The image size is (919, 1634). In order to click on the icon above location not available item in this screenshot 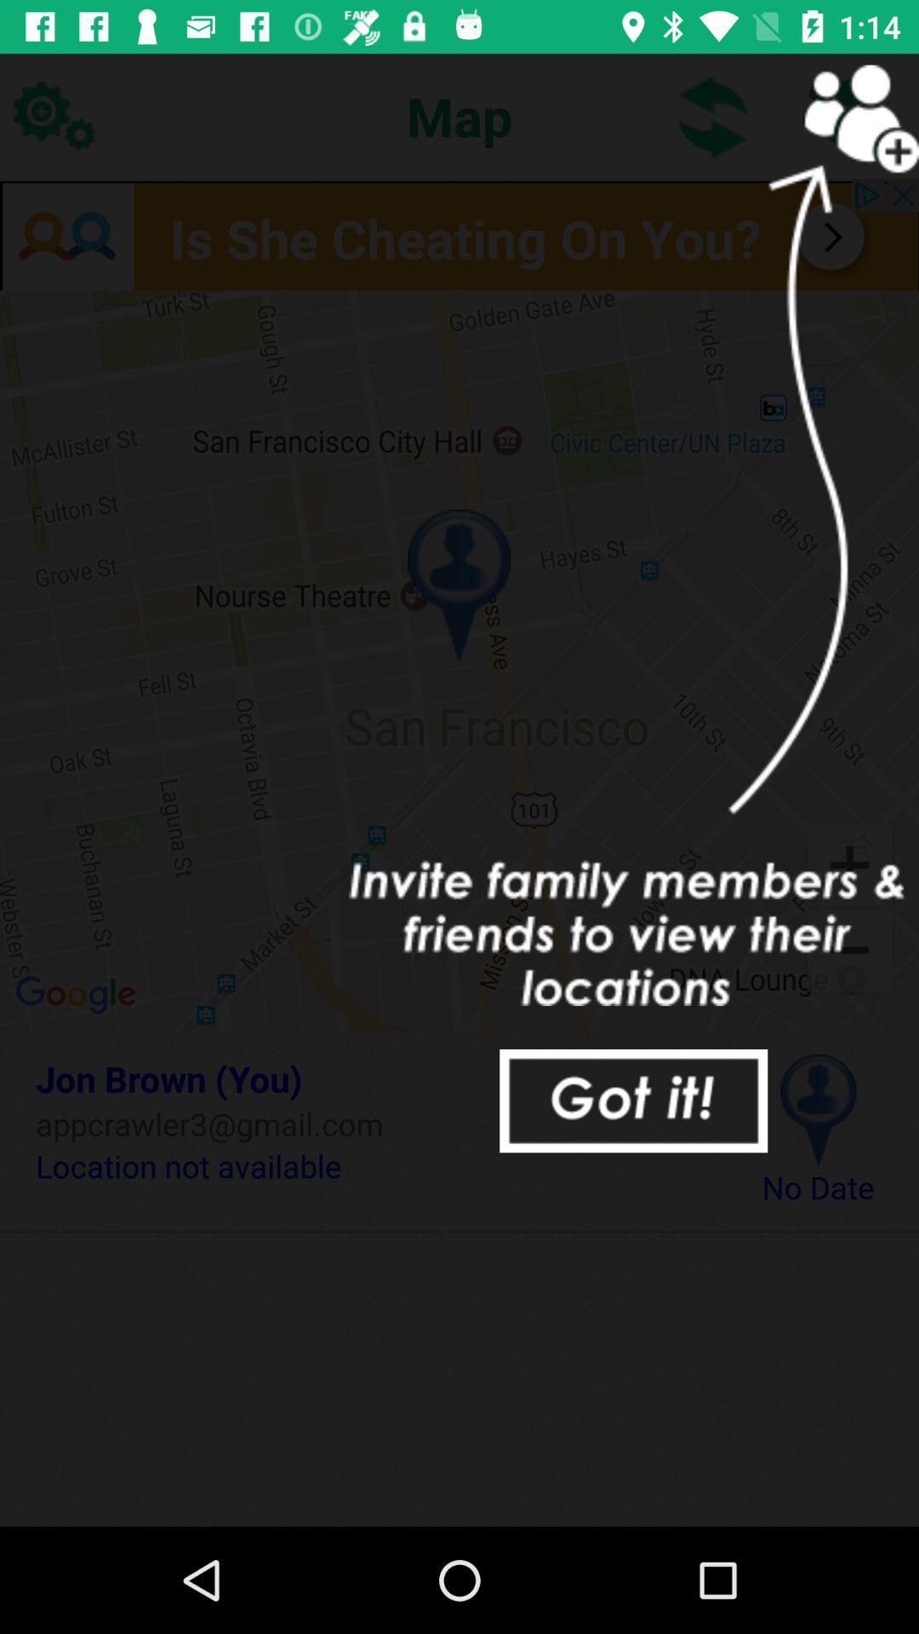, I will do `click(372, 1123)`.